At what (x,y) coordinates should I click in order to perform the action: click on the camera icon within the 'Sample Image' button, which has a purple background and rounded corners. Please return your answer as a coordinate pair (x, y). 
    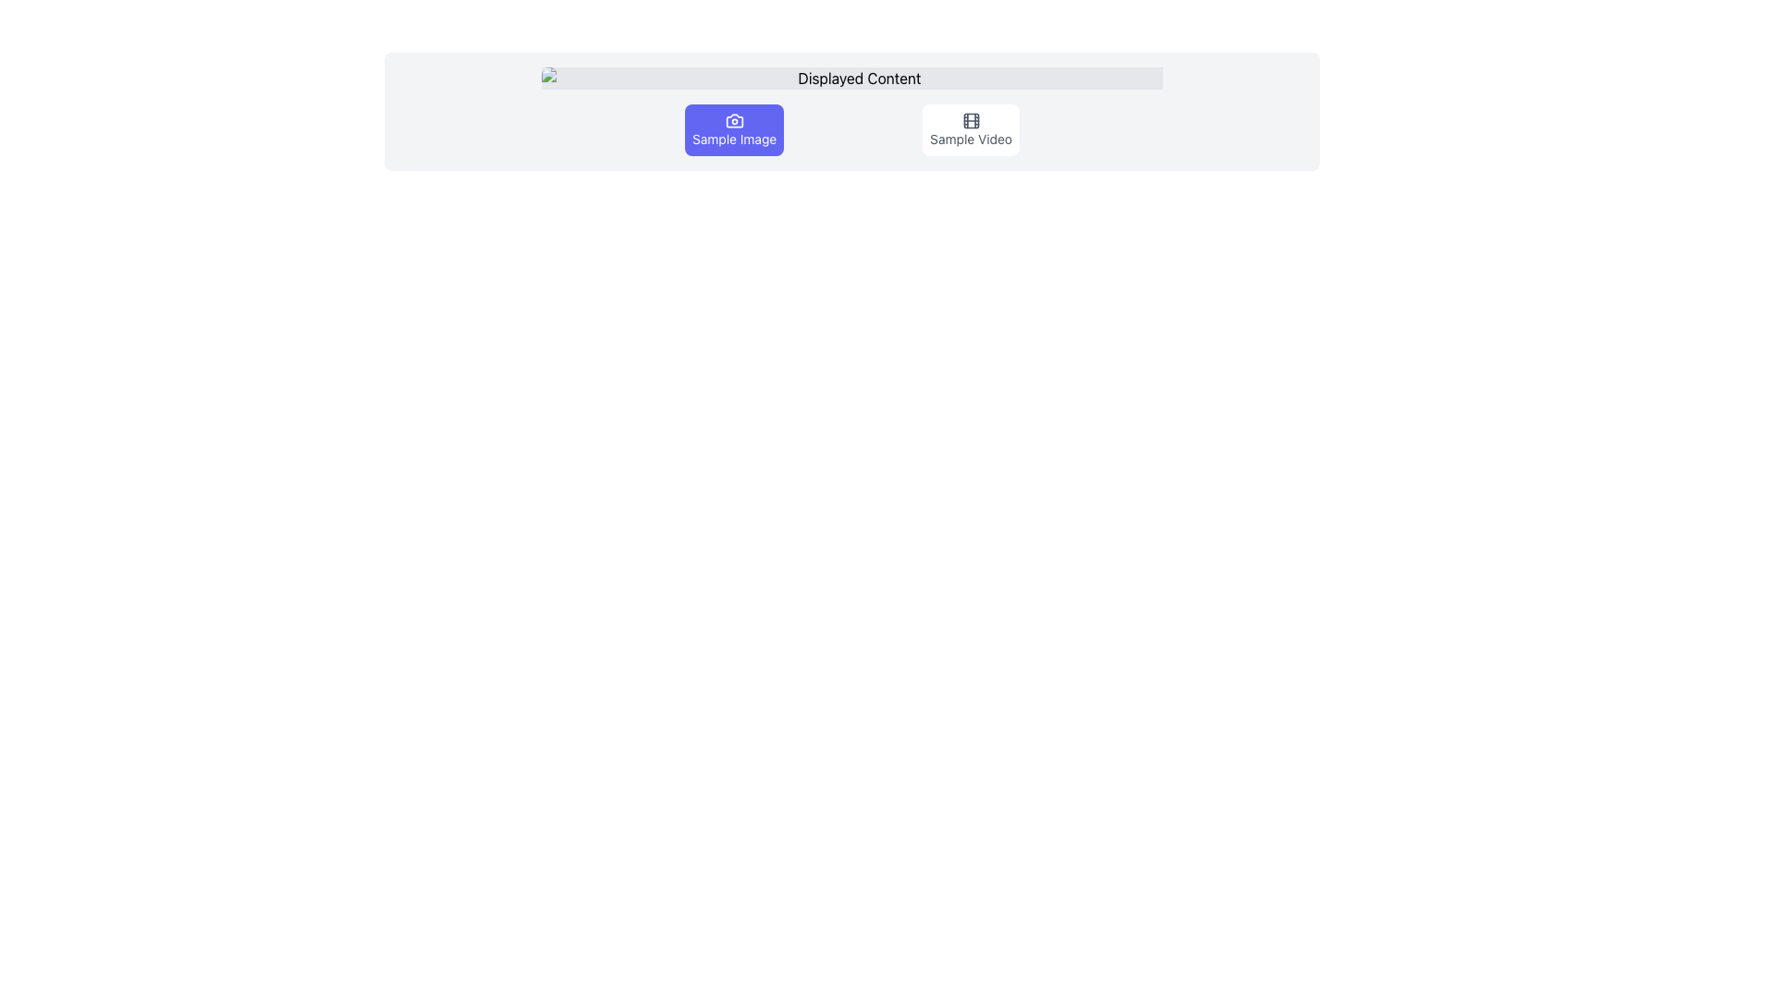
    Looking at the image, I should click on (733, 121).